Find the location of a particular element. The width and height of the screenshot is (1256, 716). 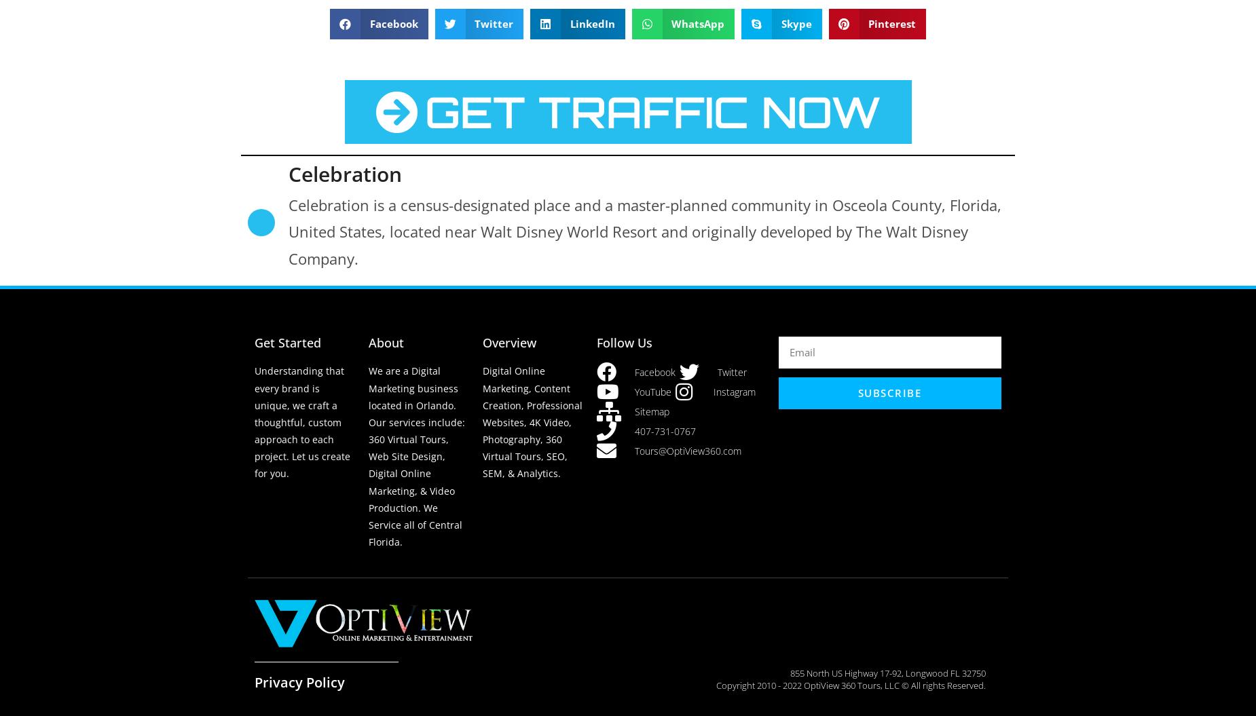

'Understanding that every brand is unique, we craft a thoughtful, custom approach to each project. Let us create for you.' is located at coordinates (253, 422).